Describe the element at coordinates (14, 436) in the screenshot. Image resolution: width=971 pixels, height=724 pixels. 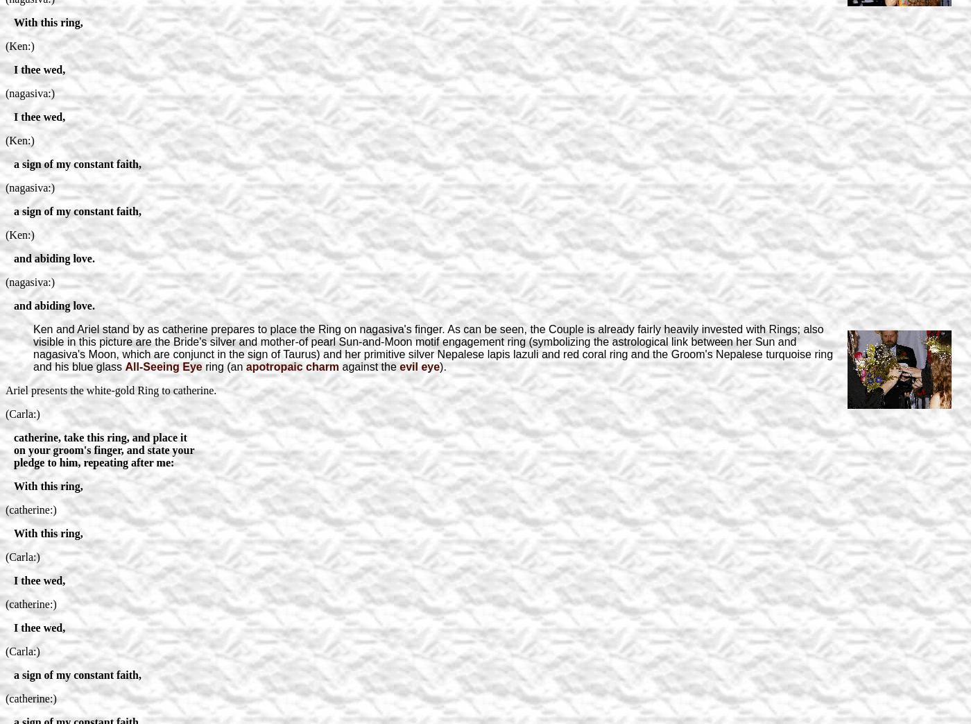
I see `'catherine, take this ring, and place it'` at that location.